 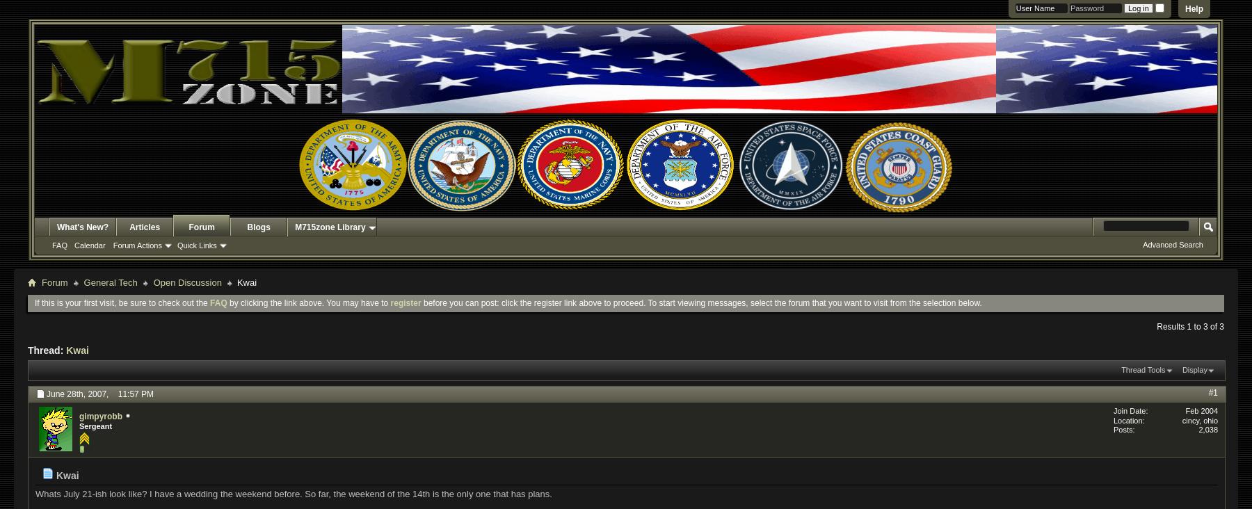 I want to click on 'What's New?', so click(x=82, y=227).